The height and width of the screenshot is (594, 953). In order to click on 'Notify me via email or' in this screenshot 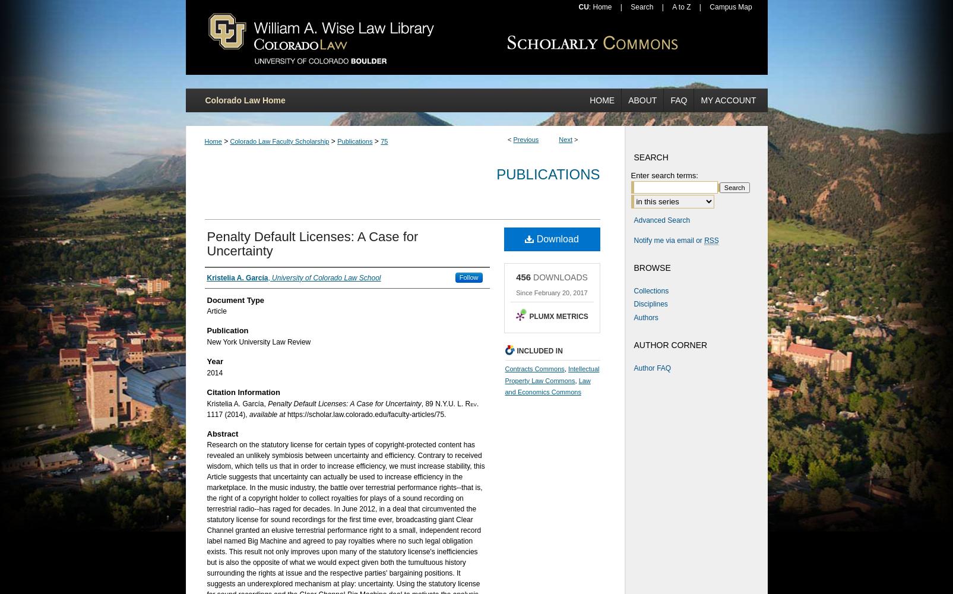, I will do `click(668, 240)`.